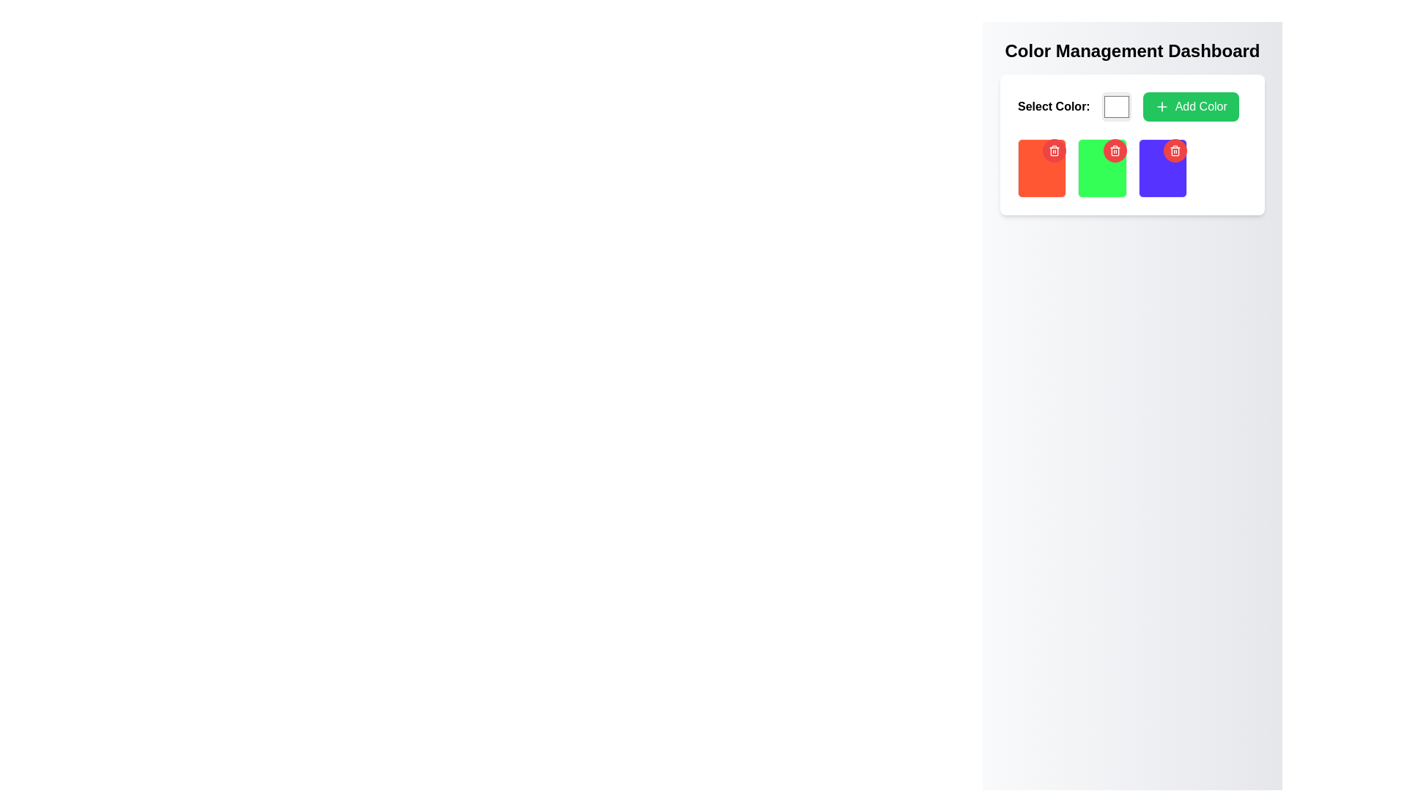 The width and height of the screenshot is (1407, 791). What do you see at coordinates (1054, 150) in the screenshot?
I see `the delete button located in the top-right corner of the first red color card under the 'Select Color' section of the 'Color Management Dashboard' to observe the hover effect` at bounding box center [1054, 150].